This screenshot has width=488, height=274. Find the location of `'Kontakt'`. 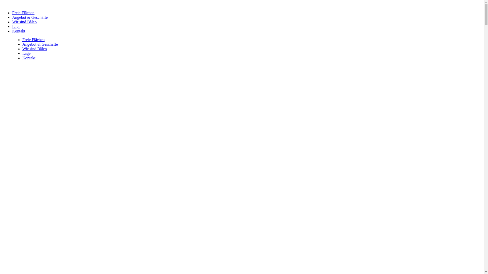

'Kontakt' is located at coordinates (19, 31).